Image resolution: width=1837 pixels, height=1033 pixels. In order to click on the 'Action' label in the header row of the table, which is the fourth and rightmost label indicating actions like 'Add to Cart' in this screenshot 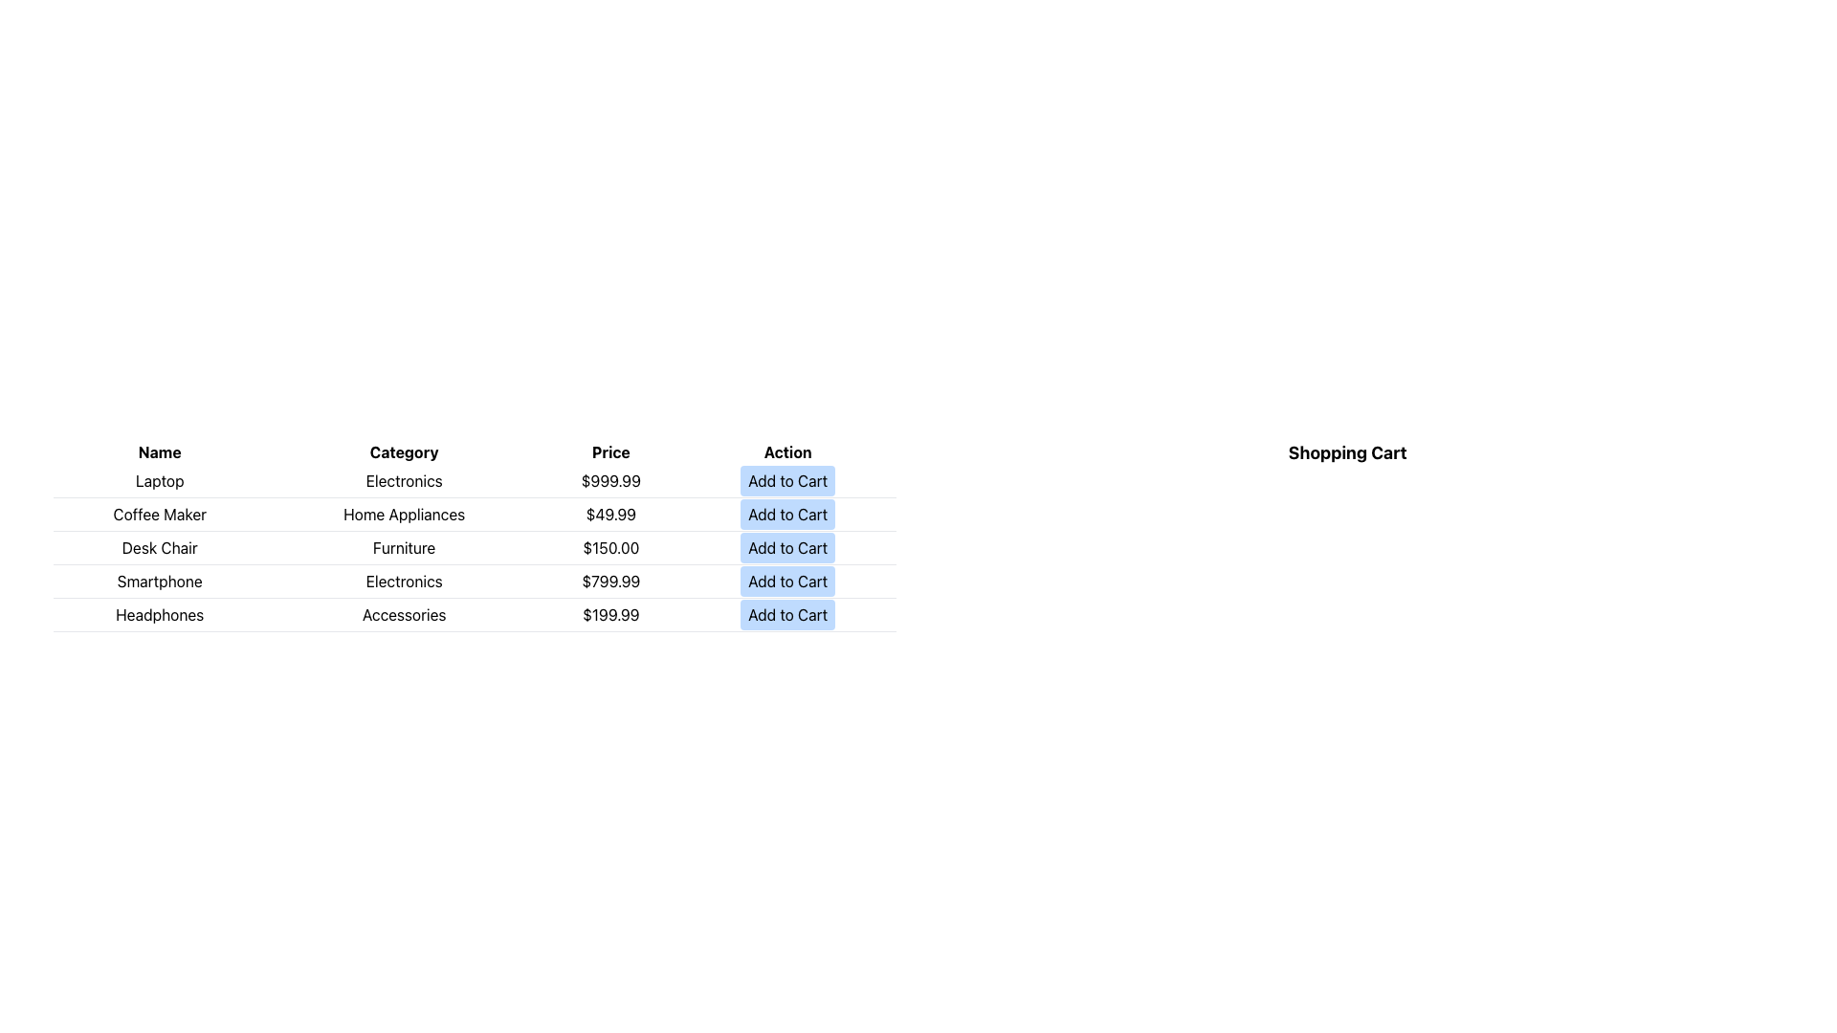, I will do `click(787, 452)`.